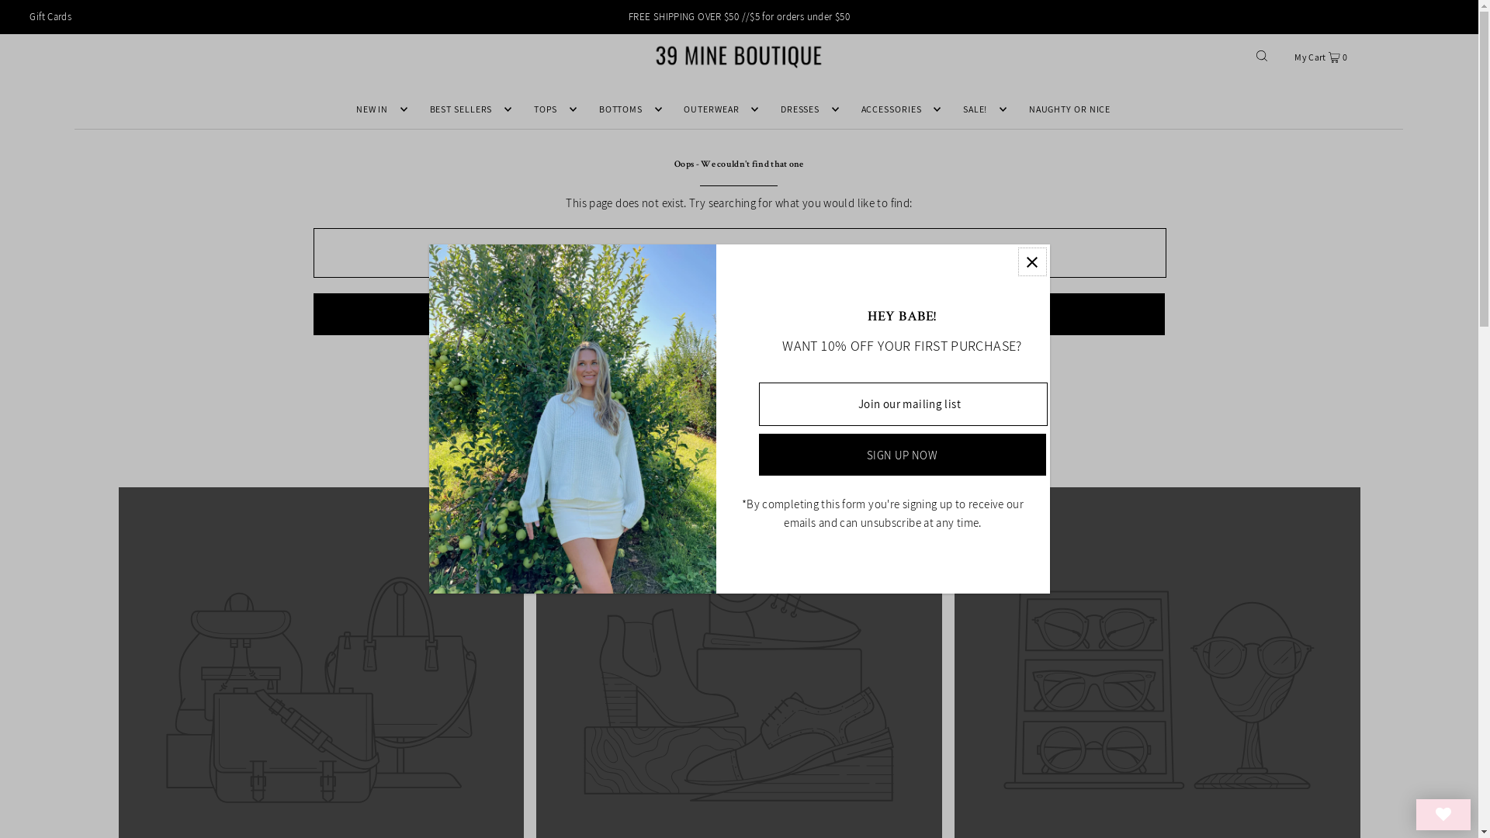 The height and width of the screenshot is (838, 1490). I want to click on 'NAUGHTY OR NICE', so click(1069, 109).